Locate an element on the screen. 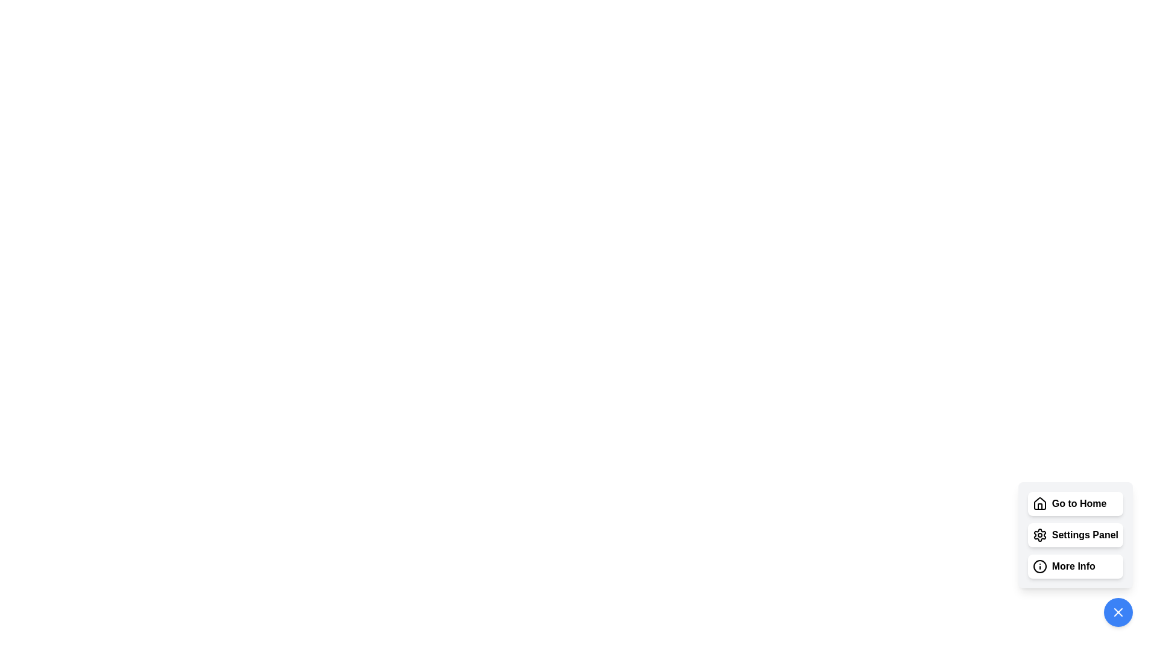  text from the 'Settings Panel' label located in the lower-right corner of the interface, next to the gear icon is located at coordinates (1085, 534).